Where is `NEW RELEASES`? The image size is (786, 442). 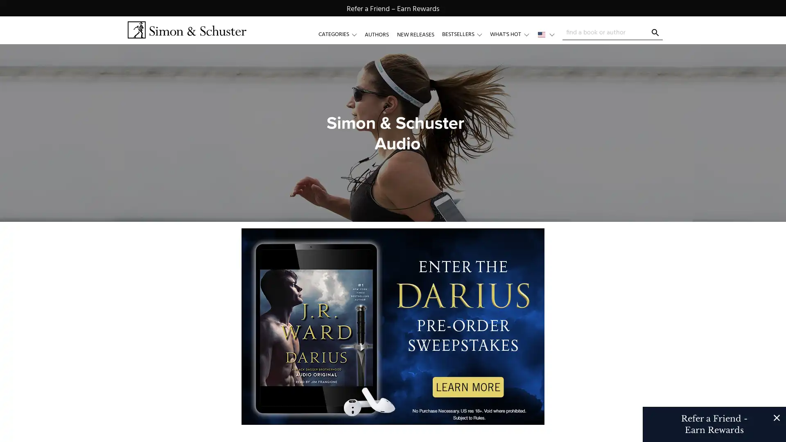 NEW RELEASES is located at coordinates (415, 34).